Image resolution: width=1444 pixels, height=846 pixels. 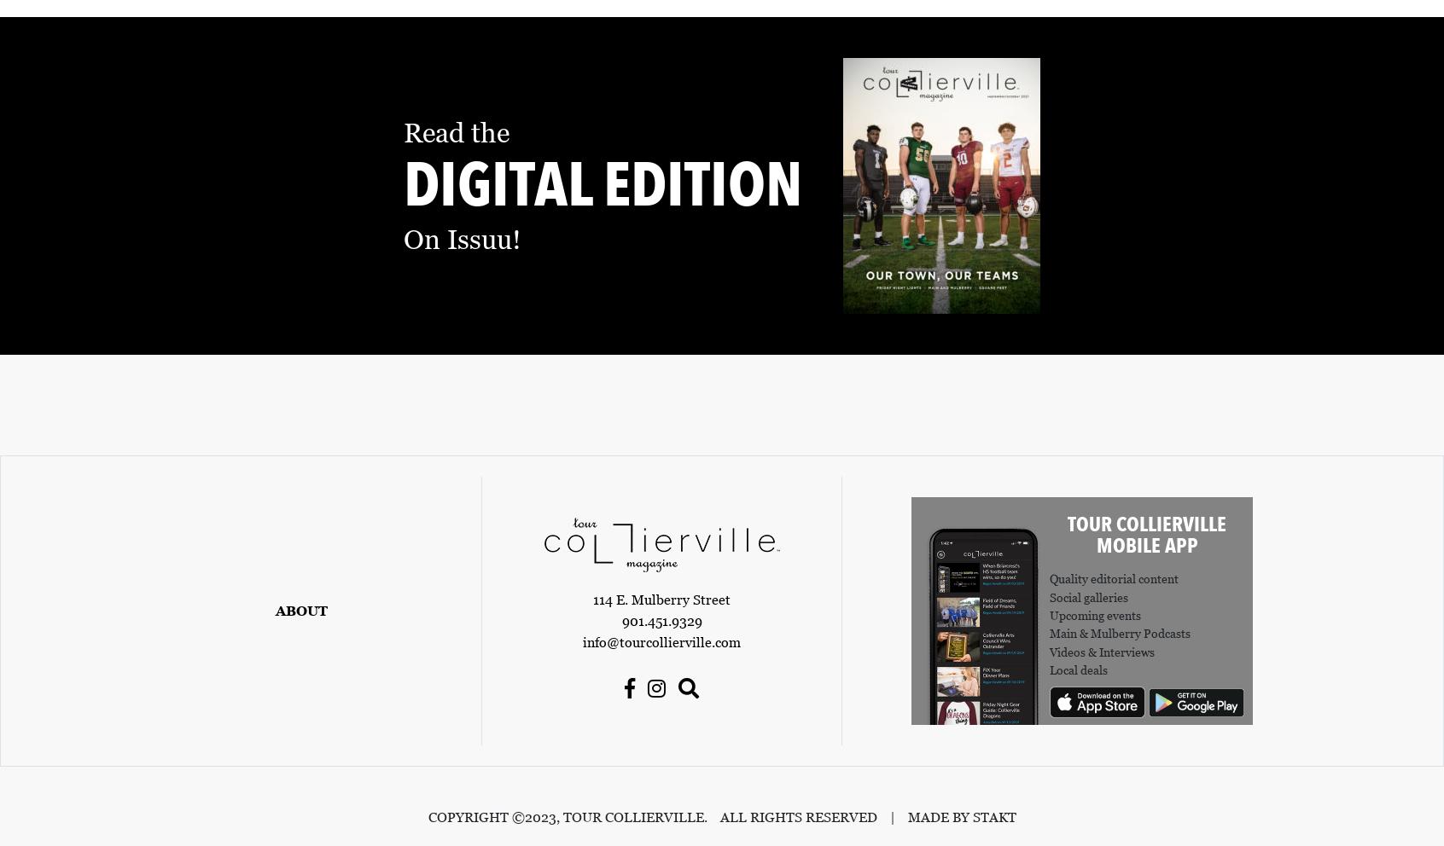 What do you see at coordinates (1068, 524) in the screenshot?
I see `'Tour Collierville'` at bounding box center [1068, 524].